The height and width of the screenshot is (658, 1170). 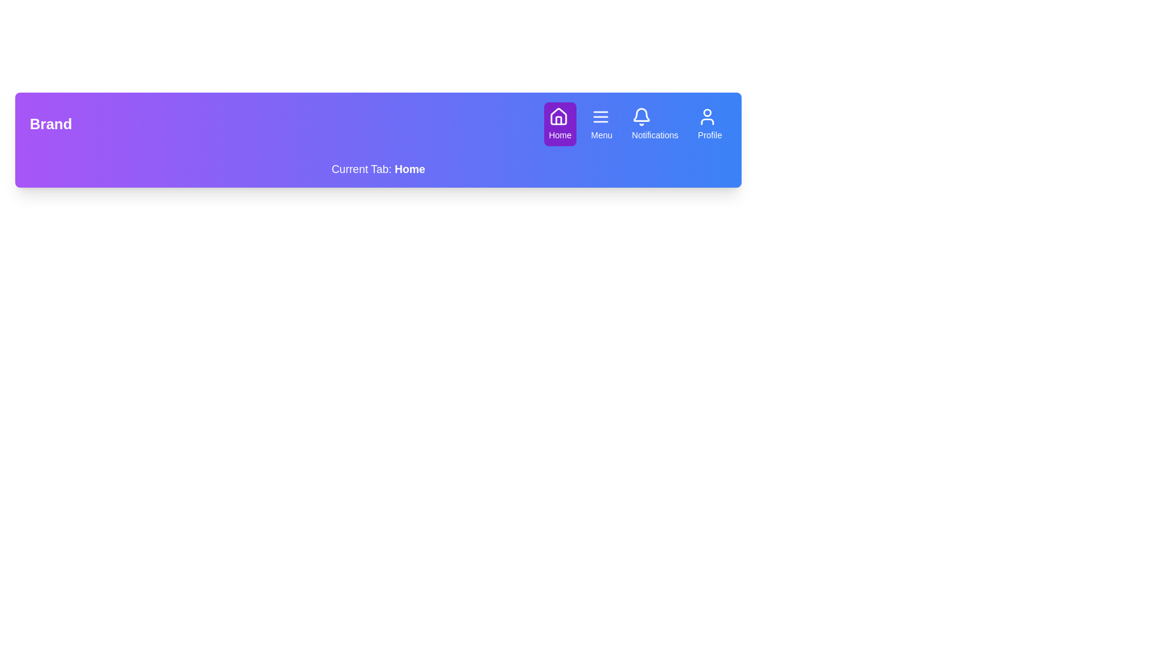 I want to click on the 'Home' button in the navigation menu, so click(x=559, y=124).